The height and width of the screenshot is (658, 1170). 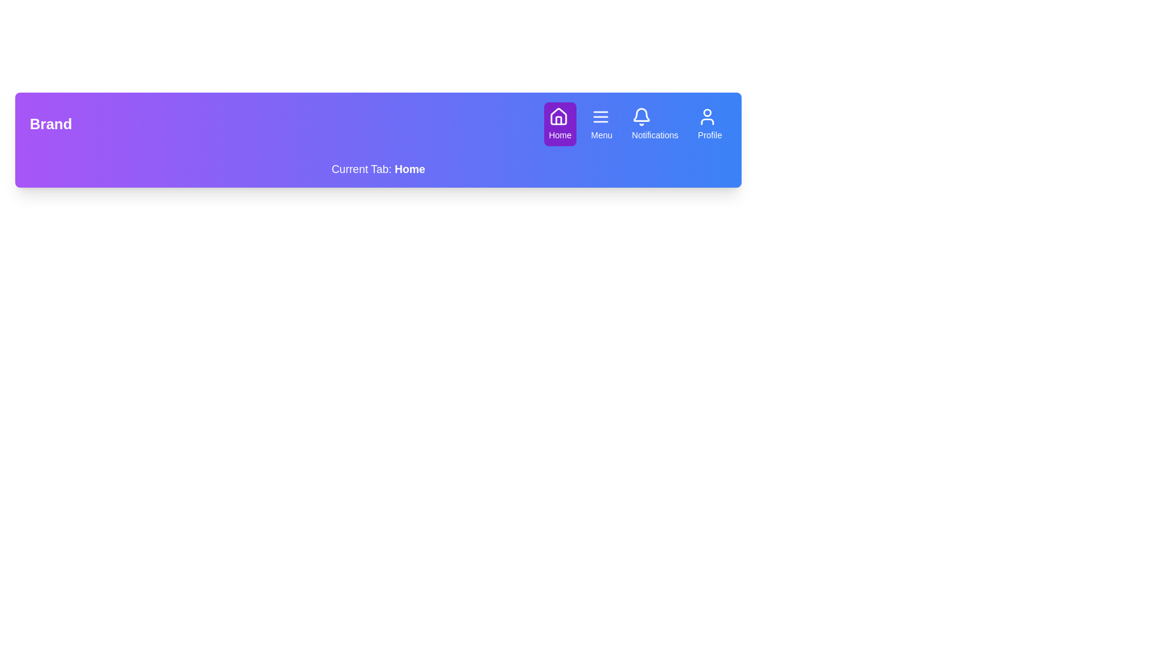 I want to click on the 'Home' button in the navigation menu, so click(x=559, y=124).